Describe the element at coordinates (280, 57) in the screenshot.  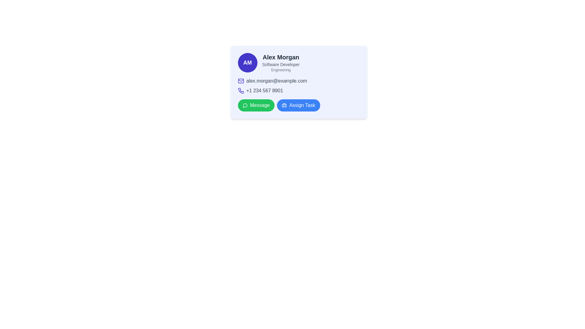
I see `Text Label displaying the name 'Alex Morgan', which is positioned in the upper-right section of the card layout, adjacent to an icon` at that location.